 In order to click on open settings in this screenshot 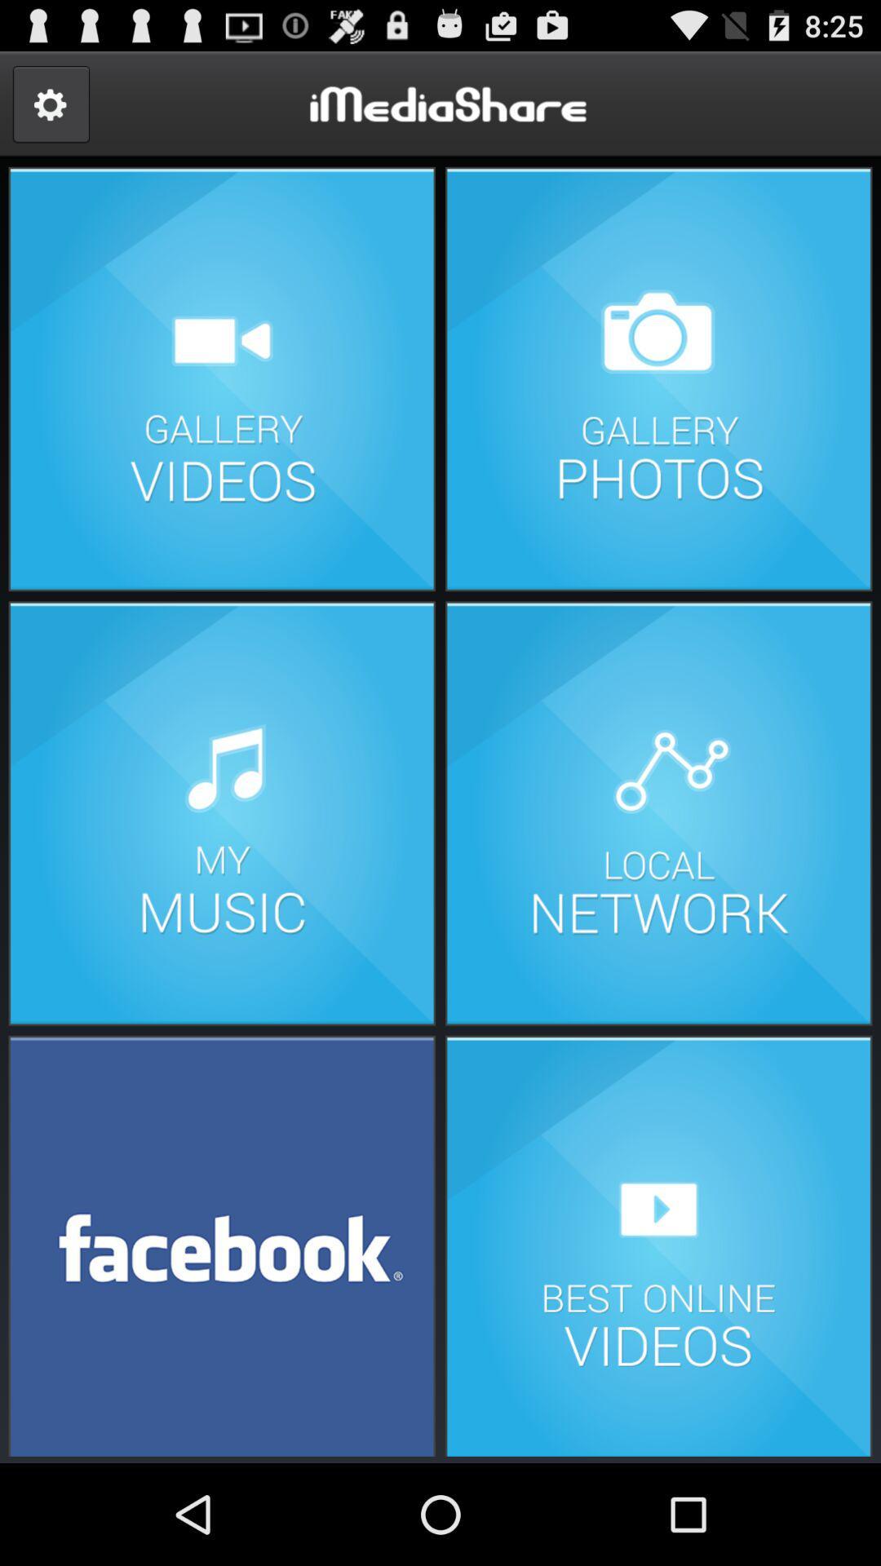, I will do `click(50, 104)`.